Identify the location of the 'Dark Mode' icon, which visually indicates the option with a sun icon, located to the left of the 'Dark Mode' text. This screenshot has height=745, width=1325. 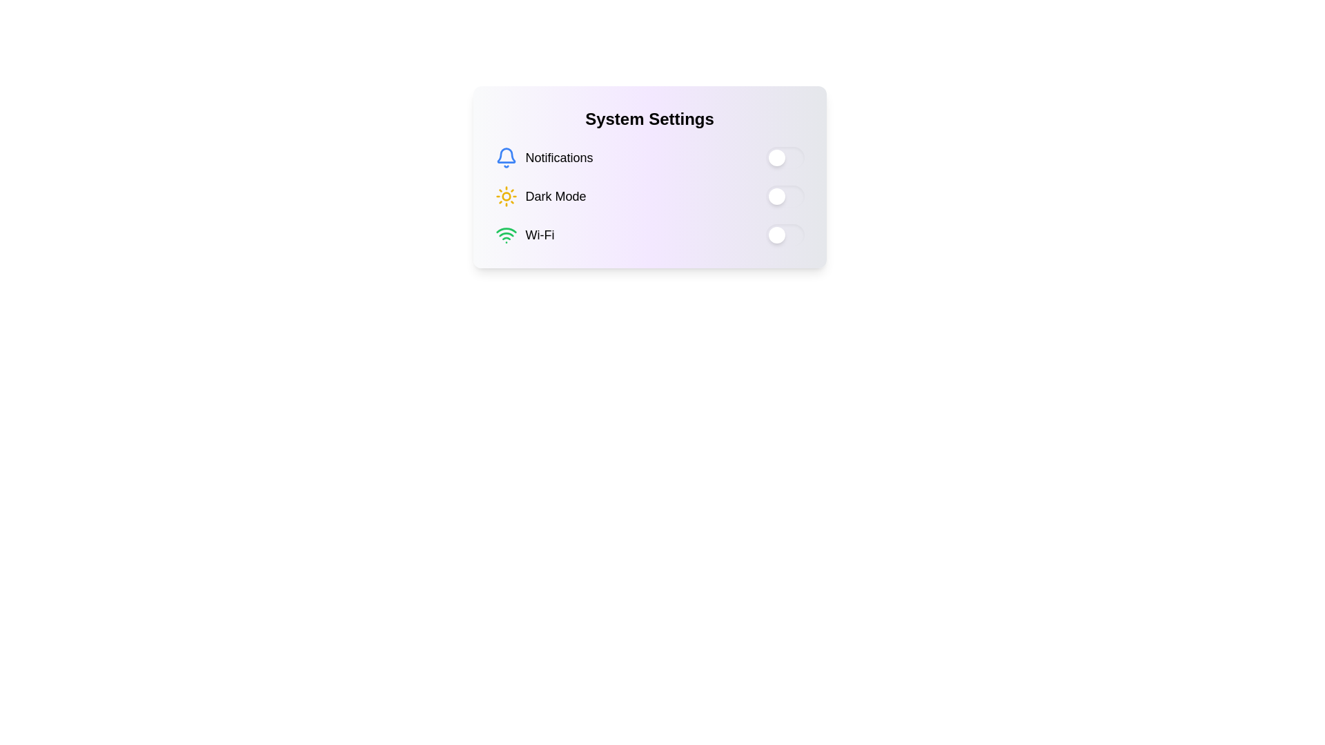
(505, 197).